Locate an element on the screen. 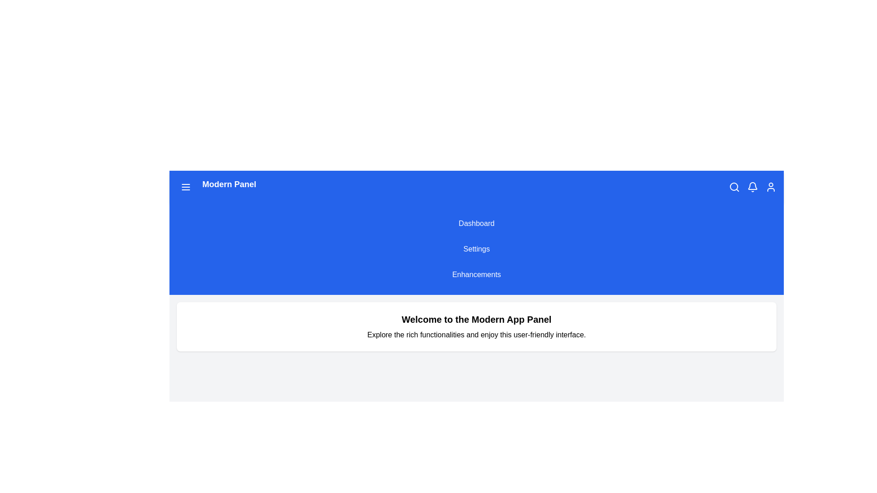  the search icon to activate the search functionality is located at coordinates (734, 186).